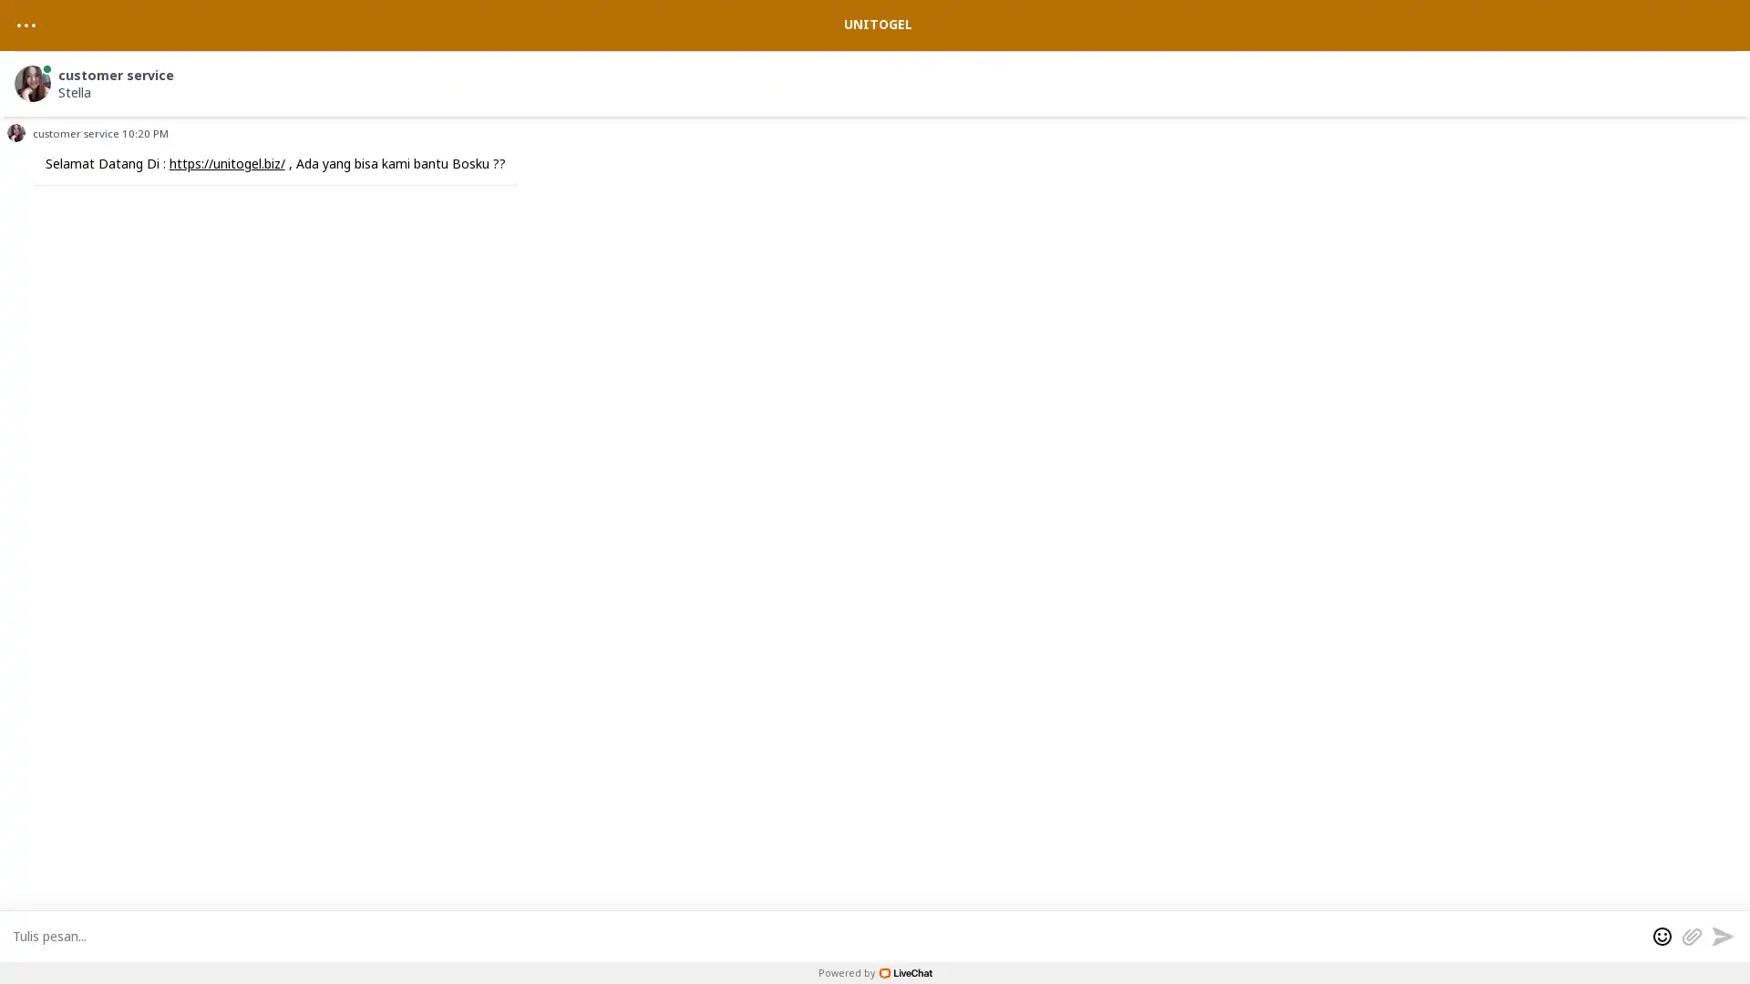 This screenshot has height=984, width=1750. Describe the element at coordinates (1691, 935) in the screenshot. I see `Send a file` at that location.